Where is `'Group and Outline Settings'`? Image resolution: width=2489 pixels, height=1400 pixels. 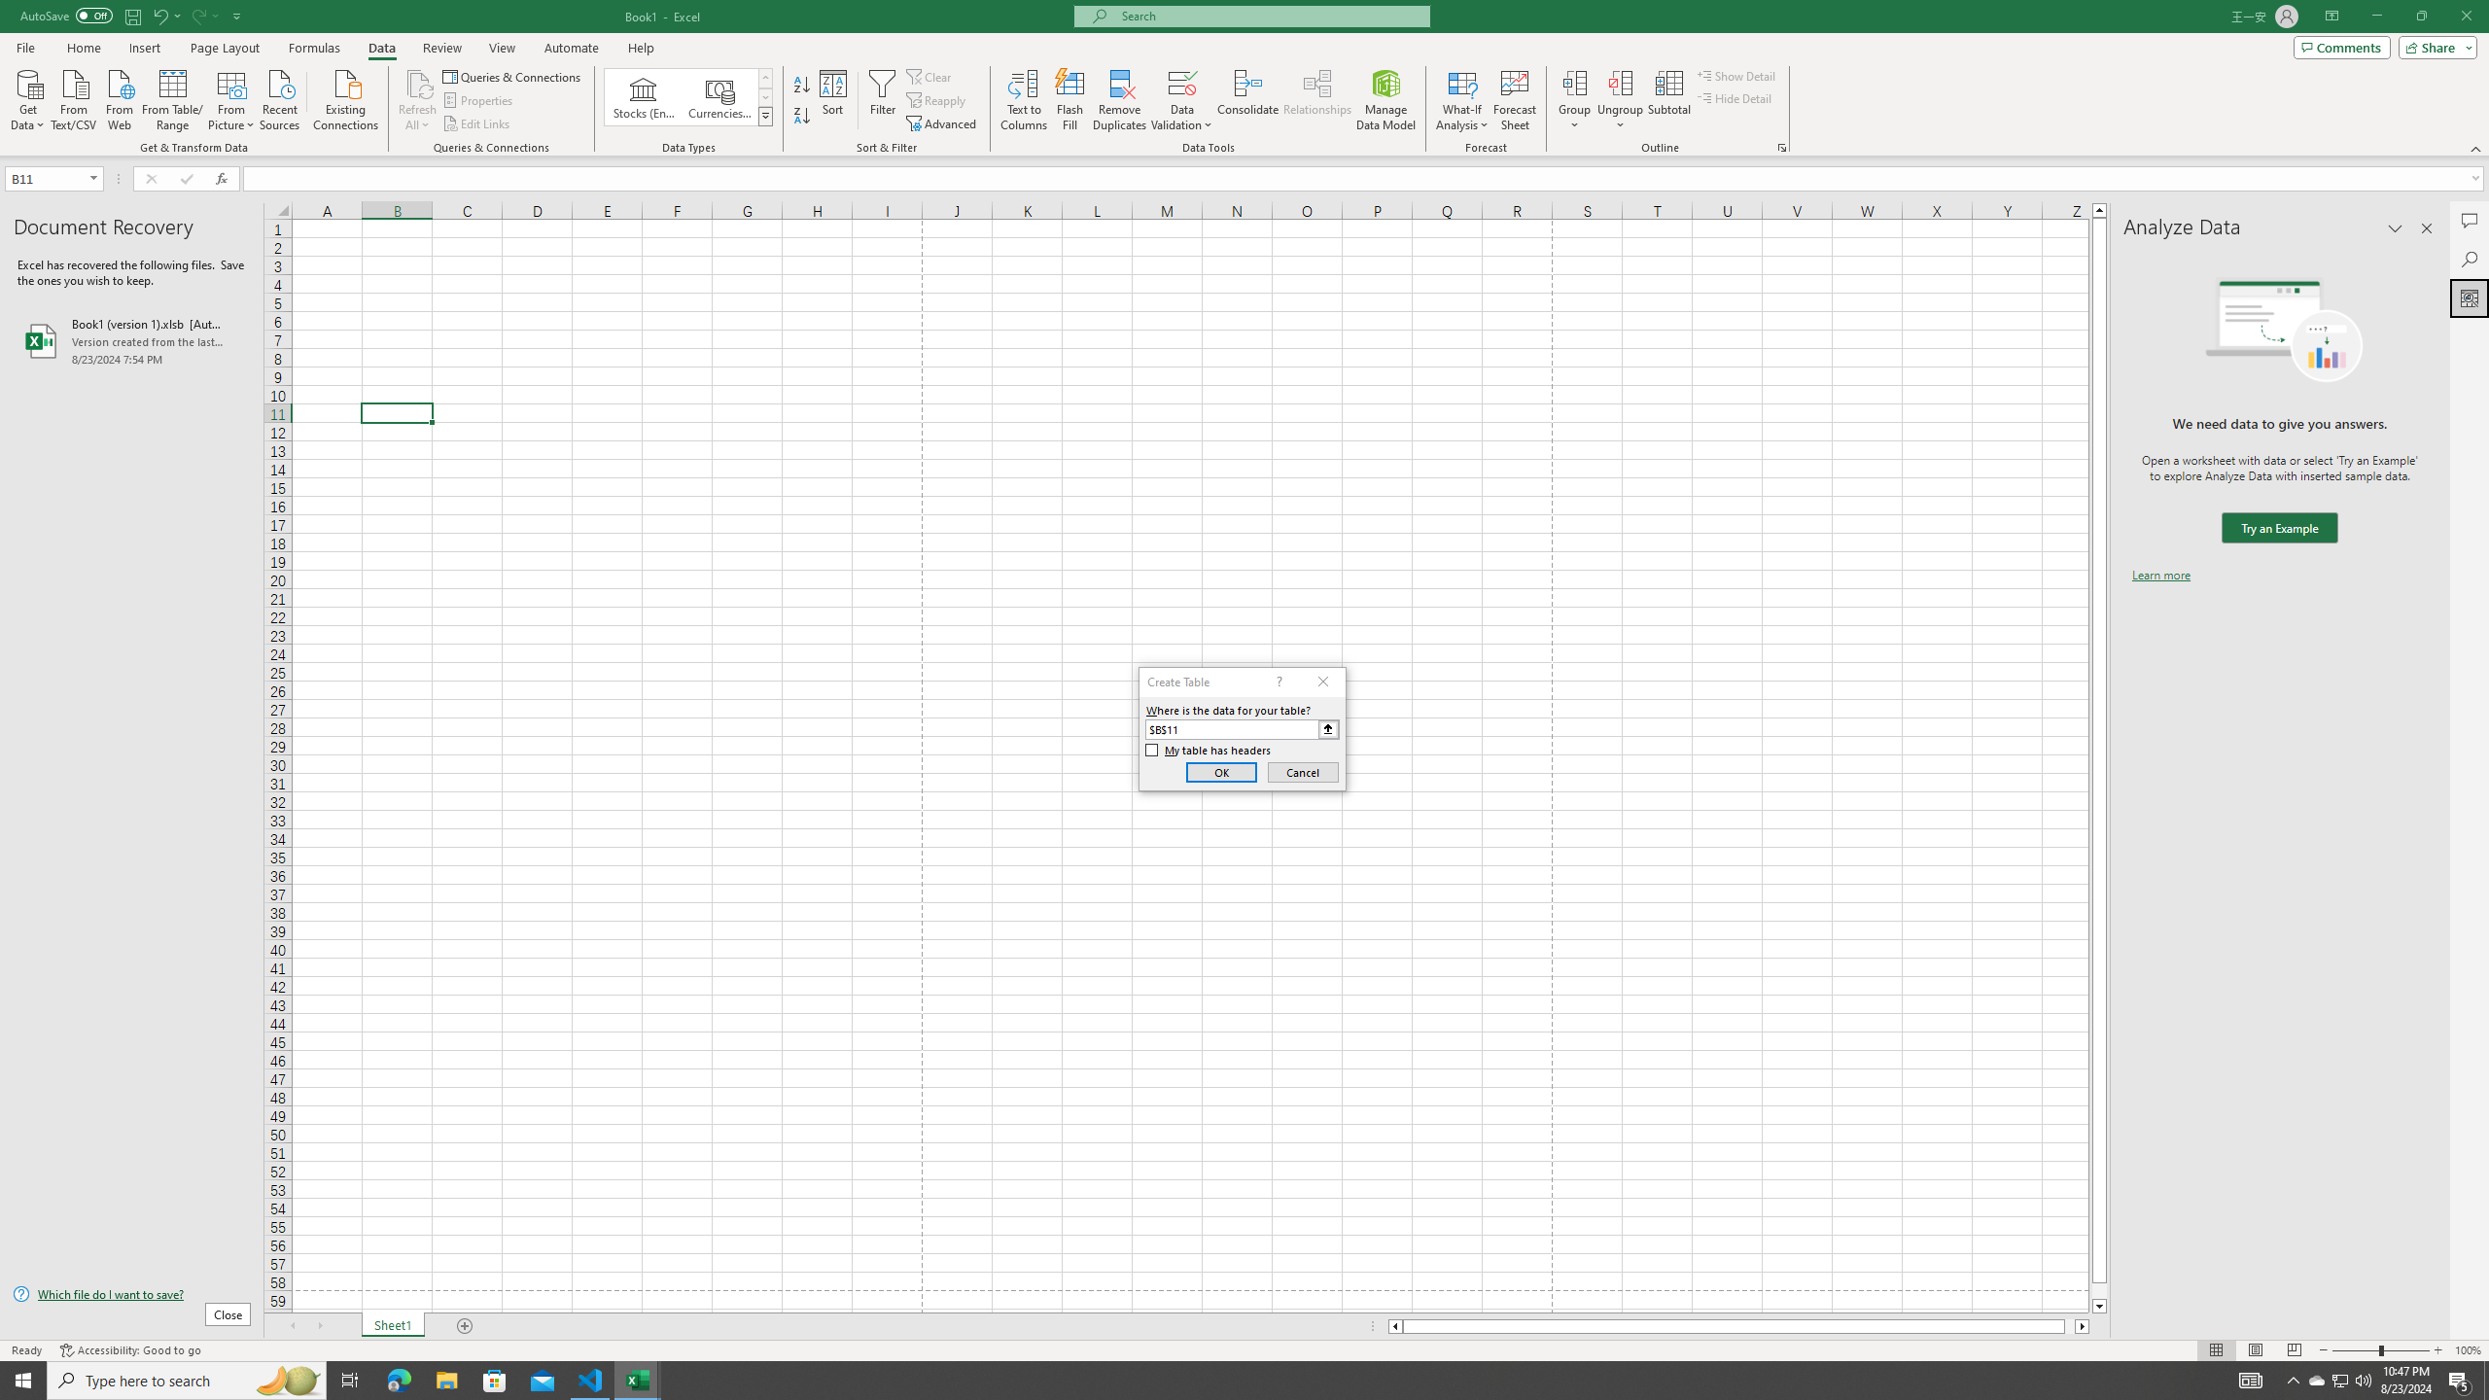 'Group and Outline Settings' is located at coordinates (1780, 146).